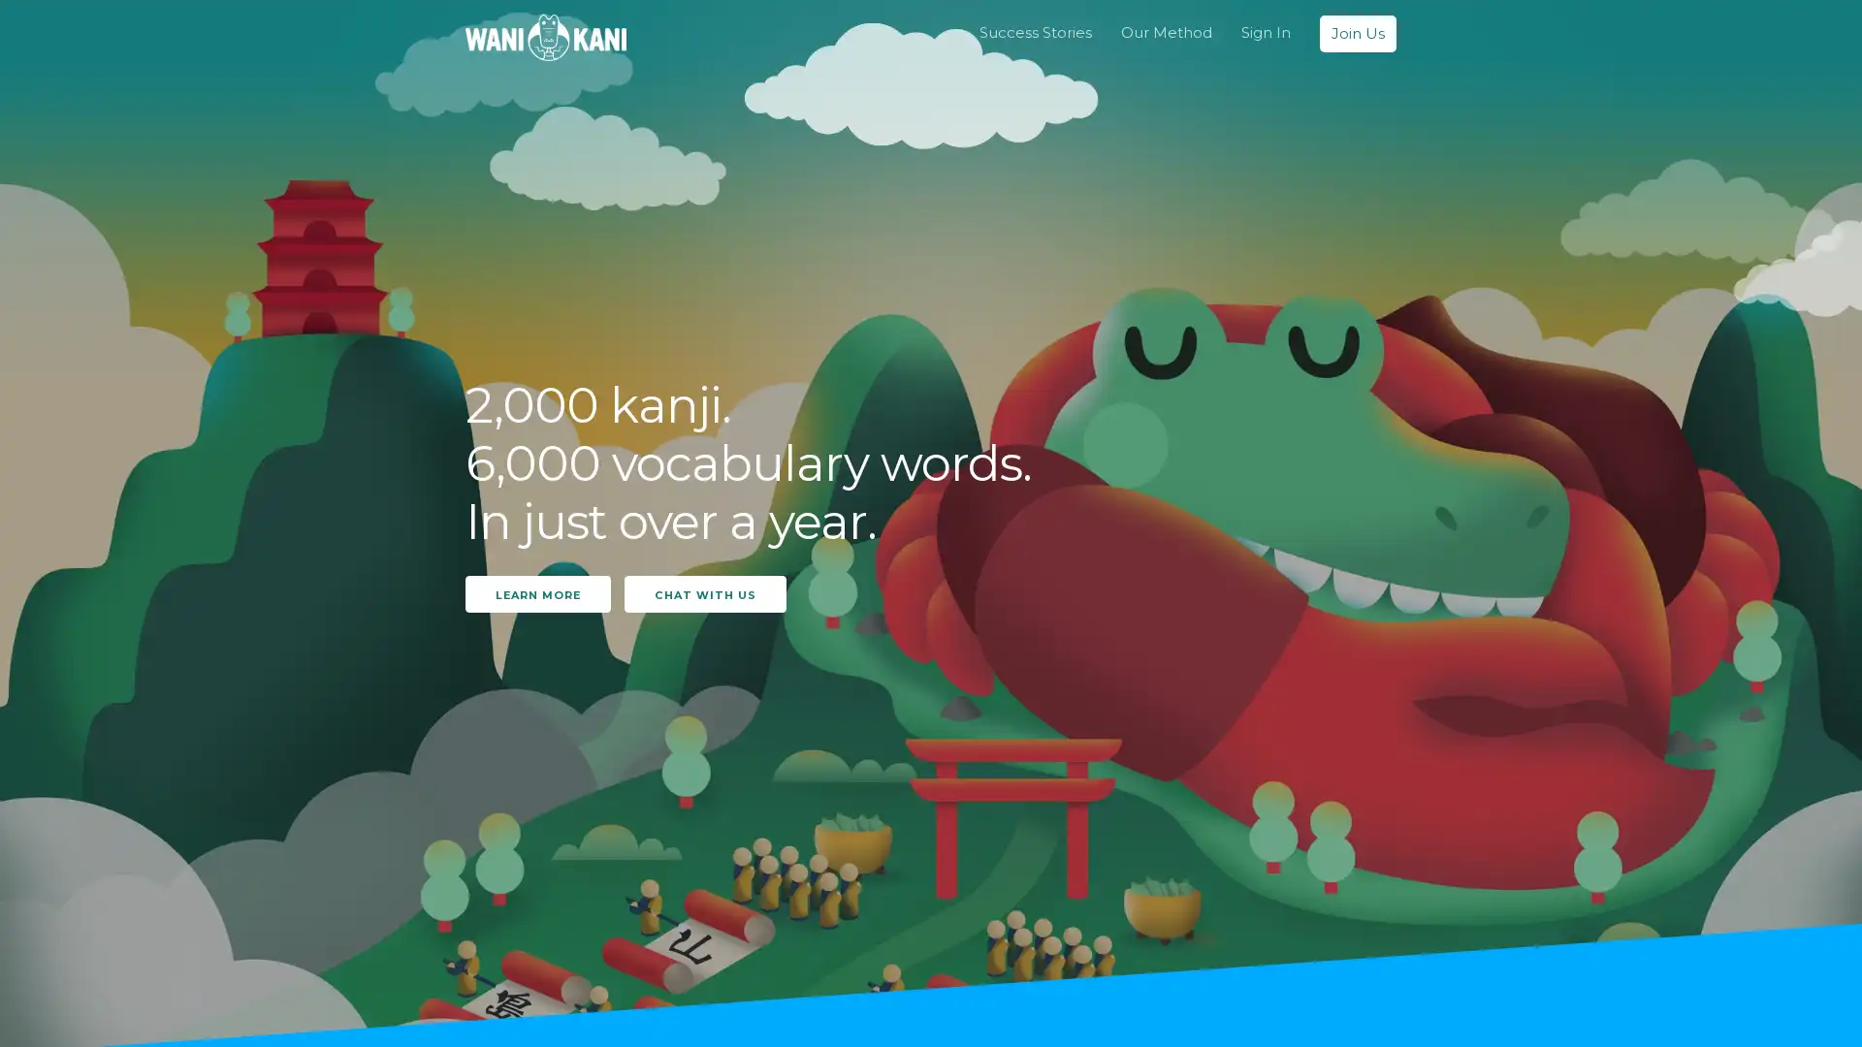  I want to click on CHAT WITH US, so click(704, 592).